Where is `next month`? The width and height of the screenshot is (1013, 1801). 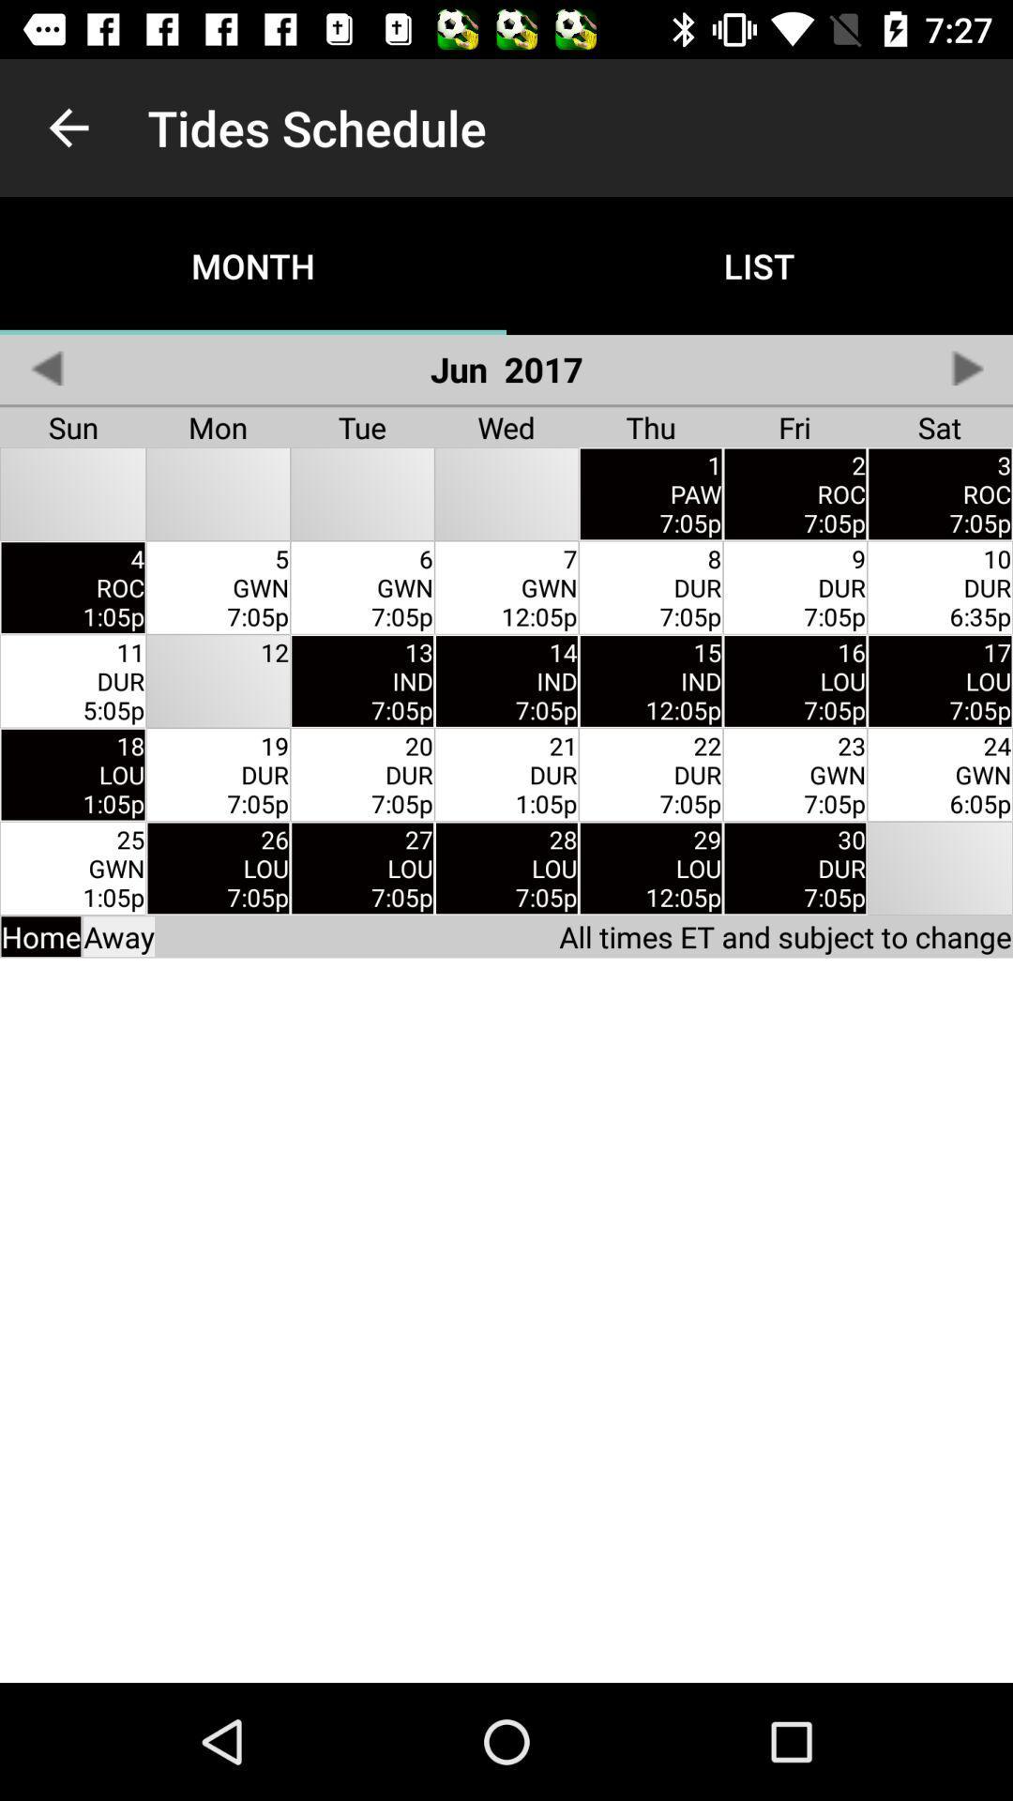
next month is located at coordinates (966, 368).